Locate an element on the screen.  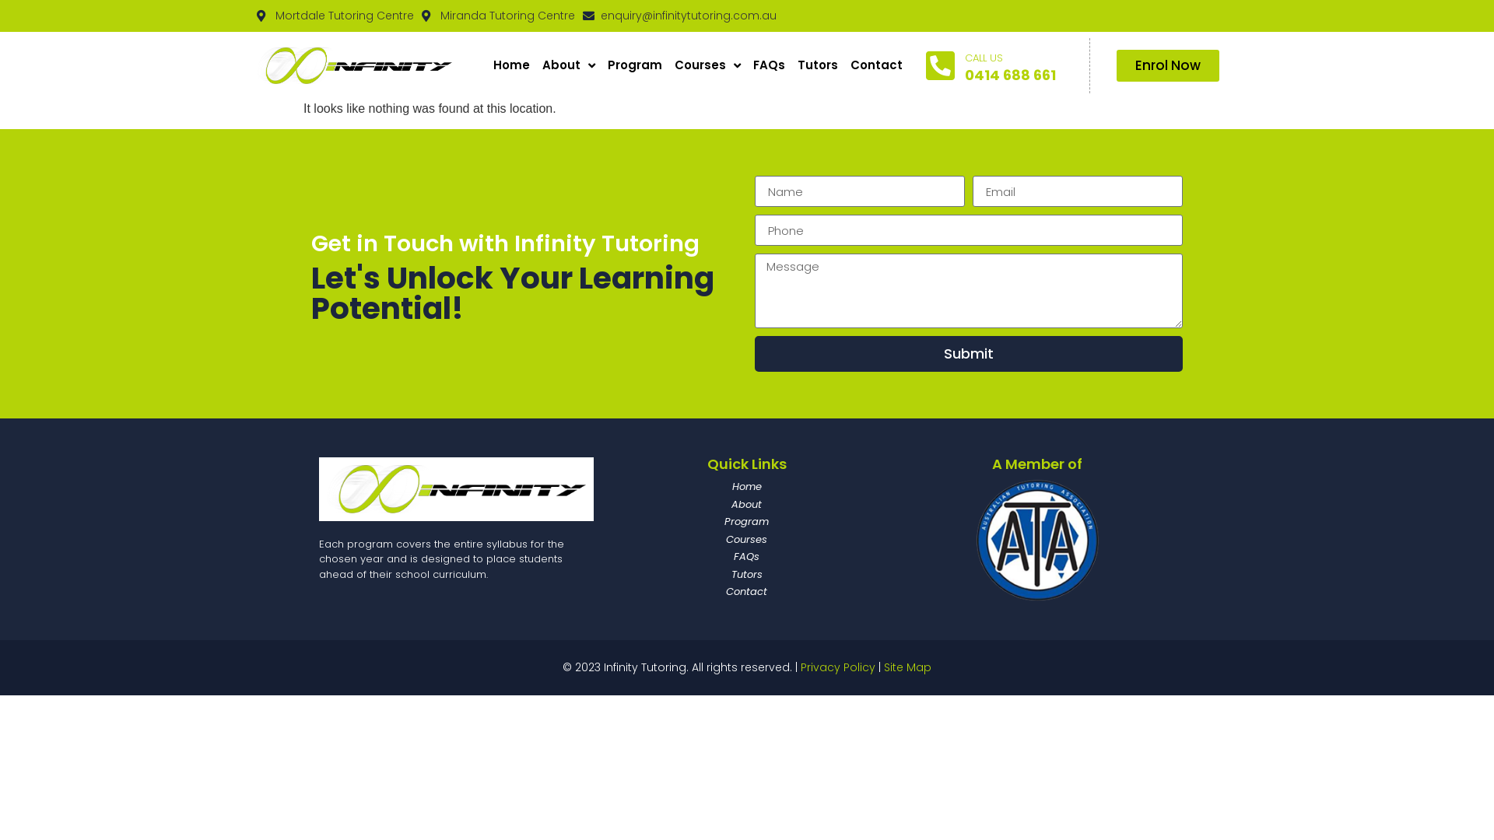
'Program' is located at coordinates (745, 522).